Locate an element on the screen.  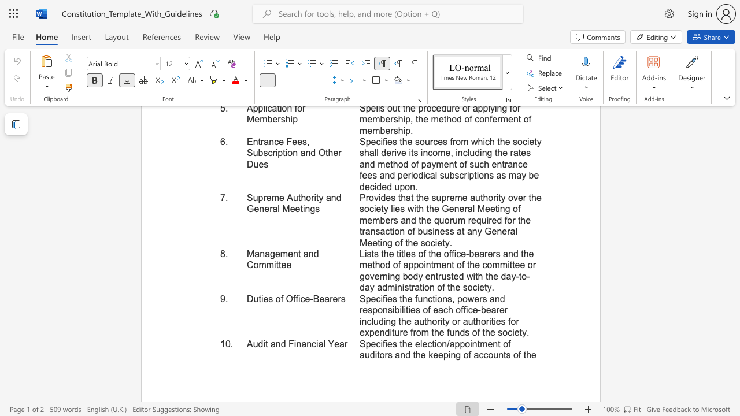
the subset text "e funds of the societ" within the text "Specifies the functions, powers and responsibilities of each office-bearer including the authority or authorities for expenditure from the funds of the society." is located at coordinates (438, 332).